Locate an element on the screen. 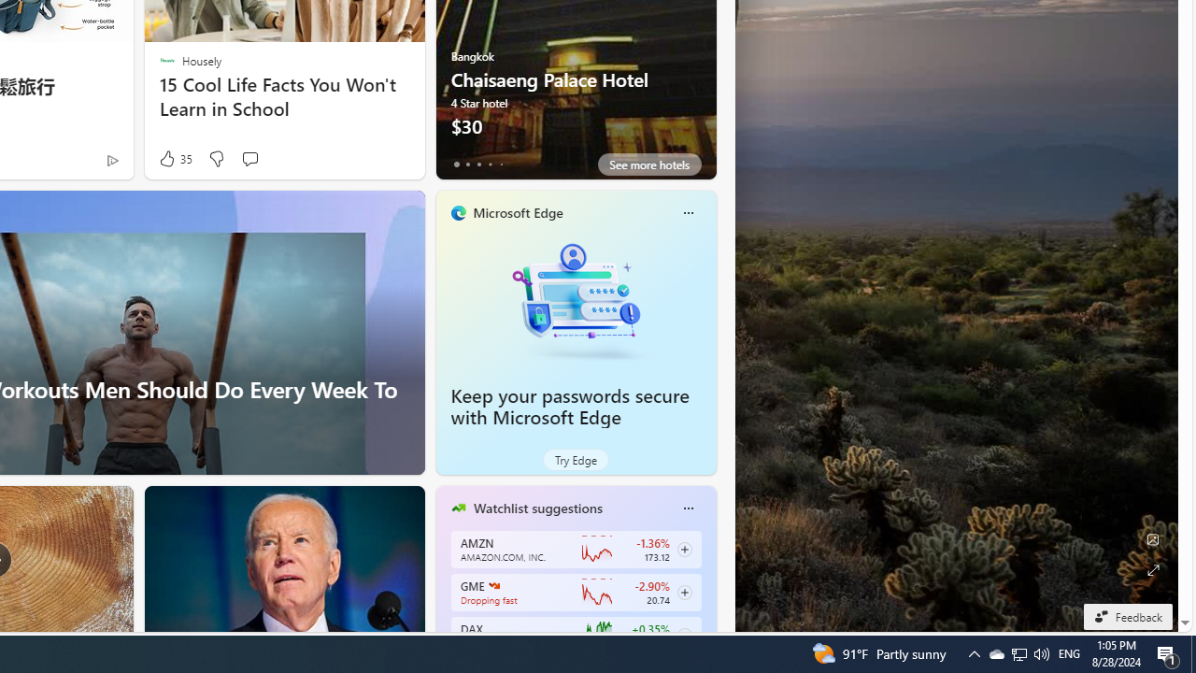 This screenshot has height=673, width=1196. 'Class: icon-img' is located at coordinates (687, 508).